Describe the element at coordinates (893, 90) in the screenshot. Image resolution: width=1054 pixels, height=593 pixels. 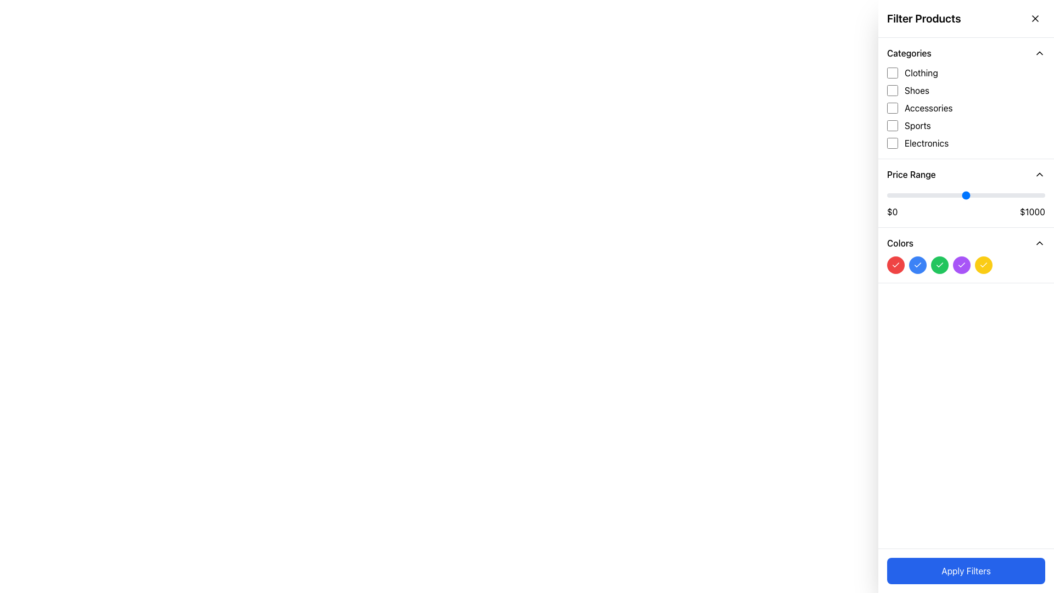
I see `the checkbox labeled 'Shoes', which is styled as a square with a blue outline and positioned` at that location.